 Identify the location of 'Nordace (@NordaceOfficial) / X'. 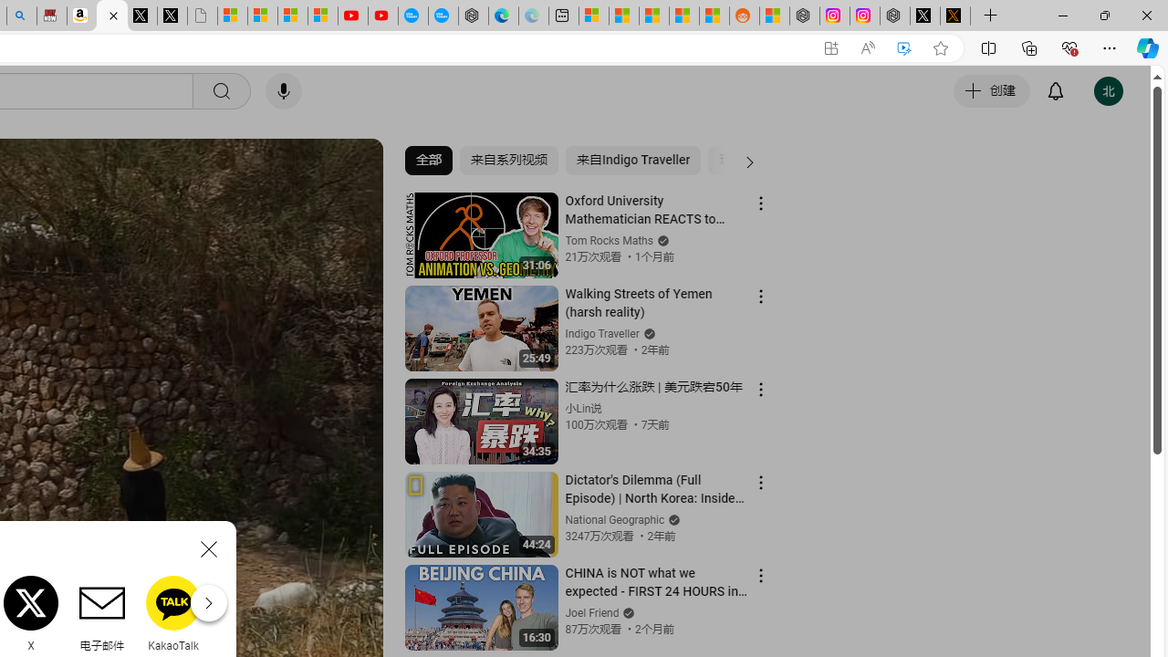
(925, 16).